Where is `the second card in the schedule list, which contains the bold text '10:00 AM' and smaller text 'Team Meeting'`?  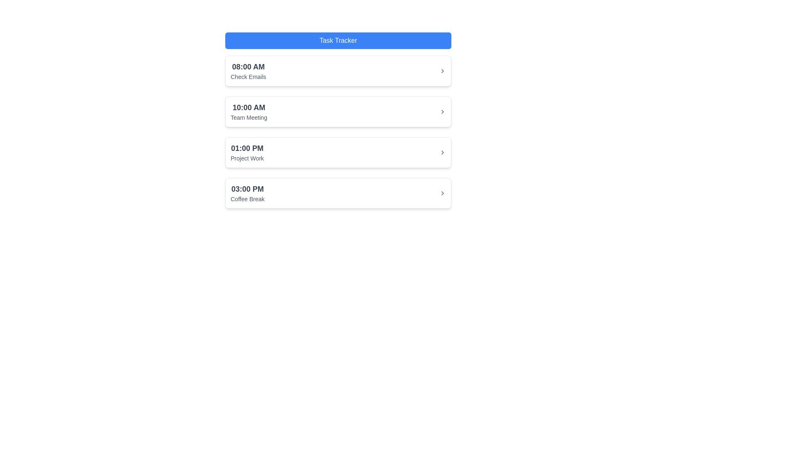
the second card in the schedule list, which contains the bold text '10:00 AM' and smaller text 'Team Meeting' is located at coordinates (249, 111).